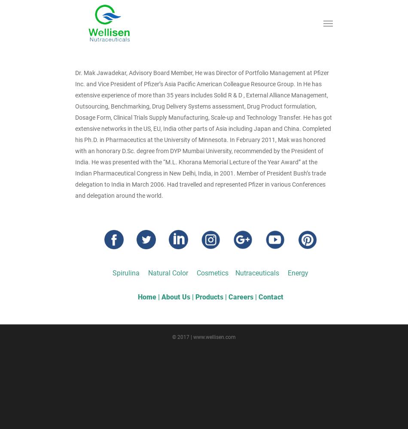 This screenshot has height=429, width=408. I want to click on 'Energy', so click(288, 273).